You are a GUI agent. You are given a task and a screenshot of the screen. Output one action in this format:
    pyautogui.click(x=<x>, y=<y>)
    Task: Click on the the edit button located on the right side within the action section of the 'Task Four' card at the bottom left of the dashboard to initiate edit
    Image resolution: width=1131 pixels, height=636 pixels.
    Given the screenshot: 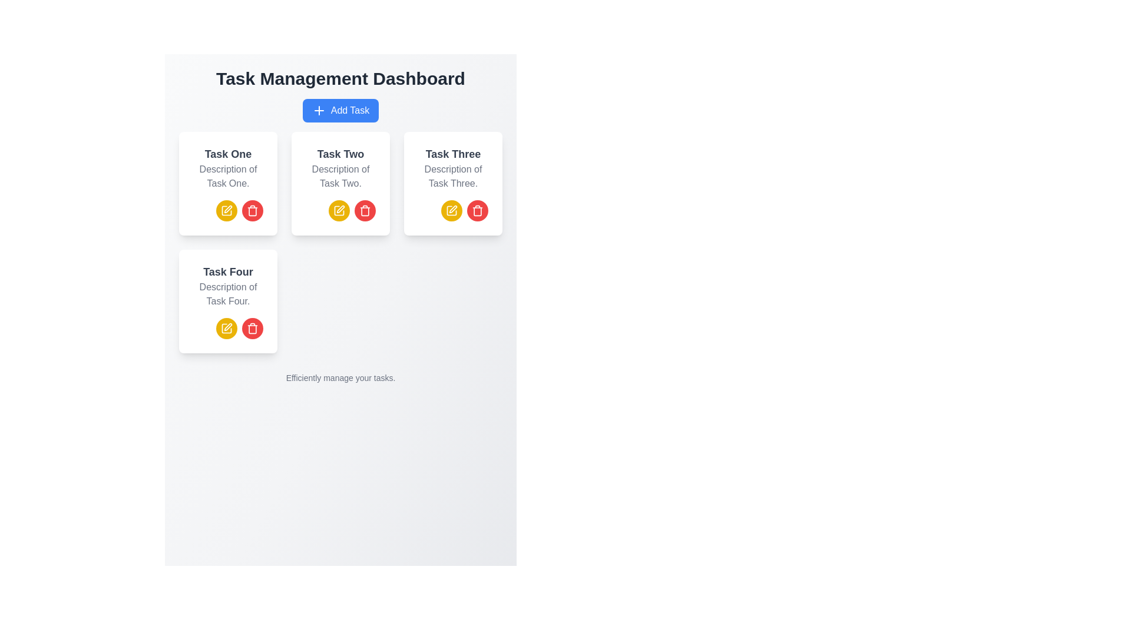 What is the action you would take?
    pyautogui.click(x=226, y=329)
    